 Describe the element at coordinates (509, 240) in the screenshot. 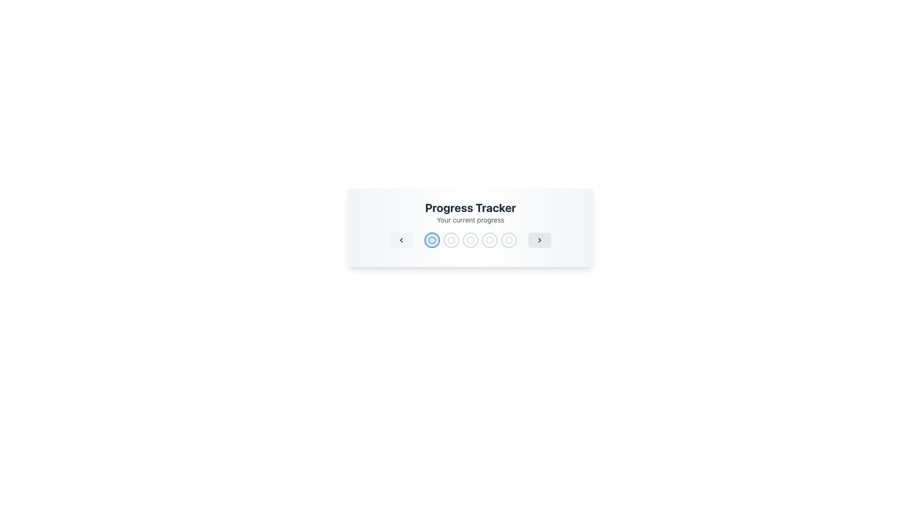

I see `the sixth Progress Indicator Dot in the multi-step process, located below the 'Progress Tracker' title` at that location.